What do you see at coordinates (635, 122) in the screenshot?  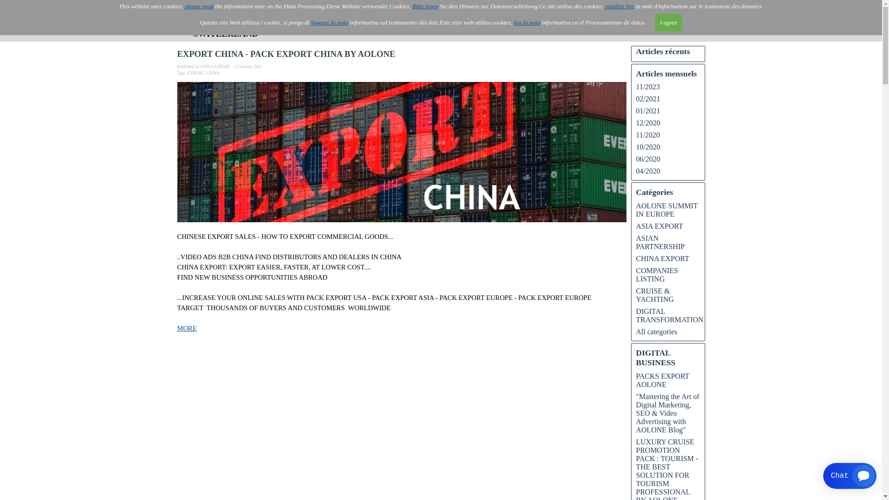 I see `'12/2020'` at bounding box center [635, 122].